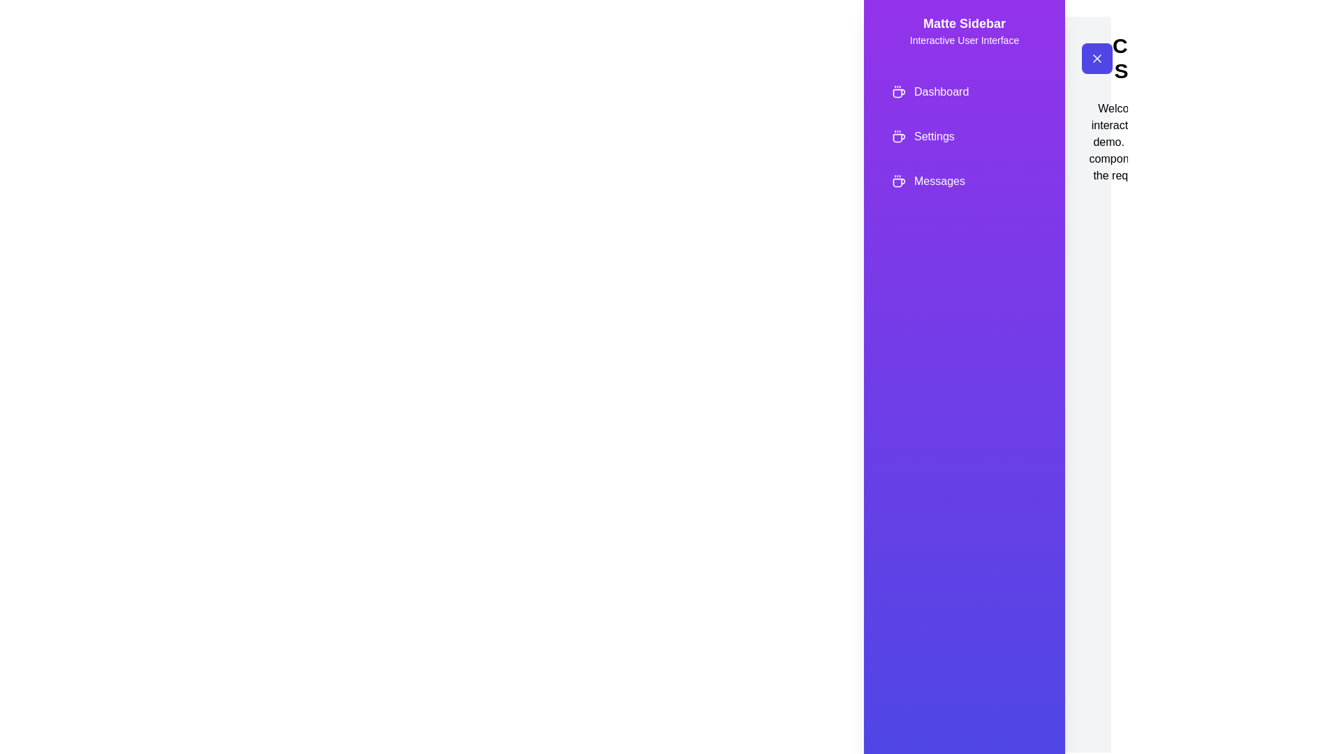 The height and width of the screenshot is (754, 1341). Describe the element at coordinates (899, 94) in the screenshot. I see `the decorative cup icon located in the right sidebar, which represents settings or customization options, positioned below two vertical lines and above a line indicating the cup's steam` at that location.